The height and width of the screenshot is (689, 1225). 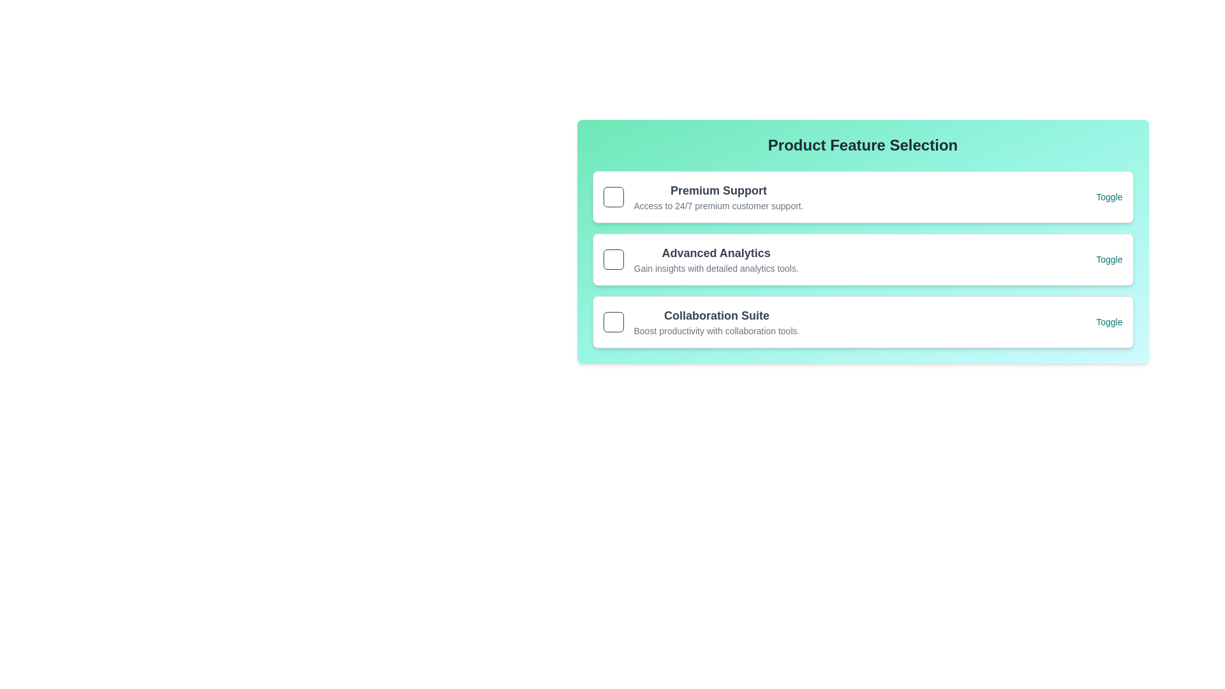 I want to click on the 'Premium Support' feature description located in the first row of the product feature selection list, so click(x=718, y=196).